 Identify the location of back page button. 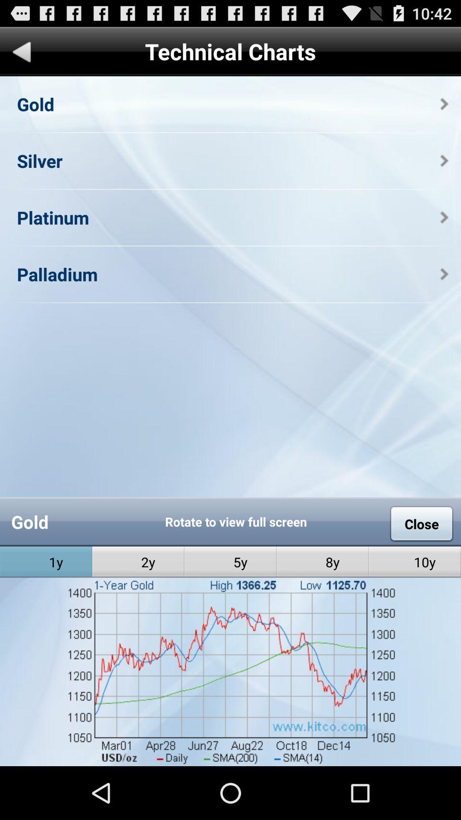
(21, 53).